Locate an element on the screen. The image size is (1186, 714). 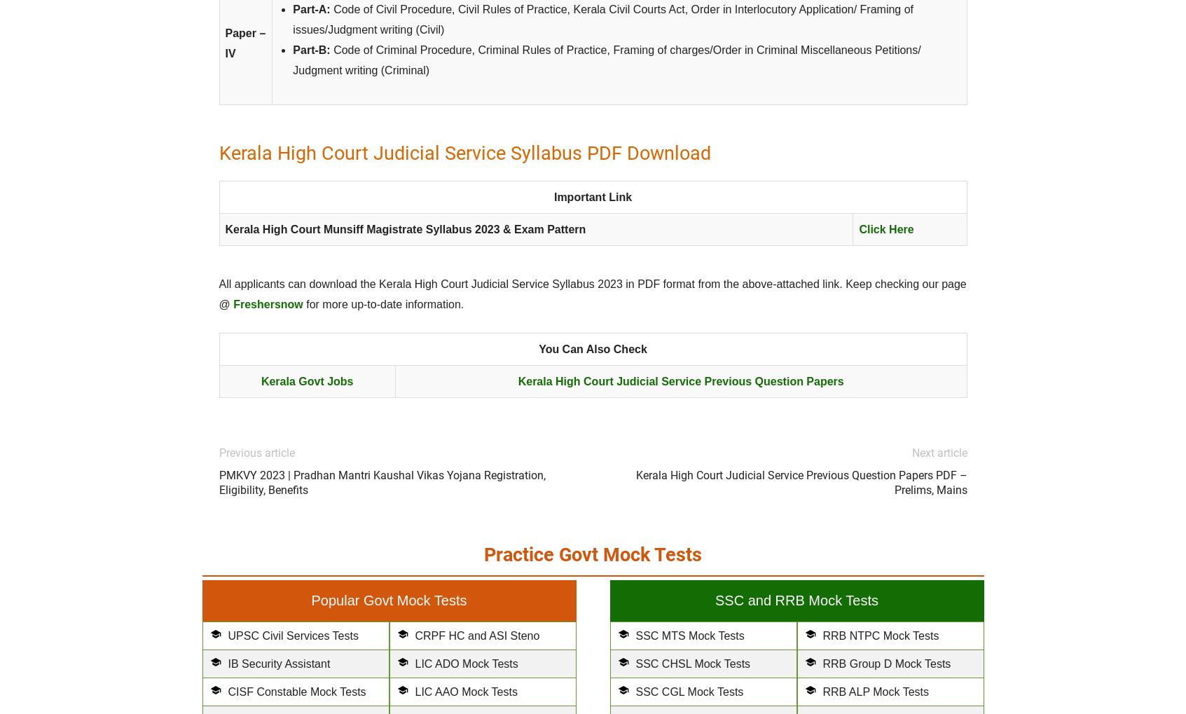
'All applicants can download the Kerala High Court Judicial Service Syllabus 2023 in PDF format from the above-attached link. Keep checking our page @' is located at coordinates (591, 294).